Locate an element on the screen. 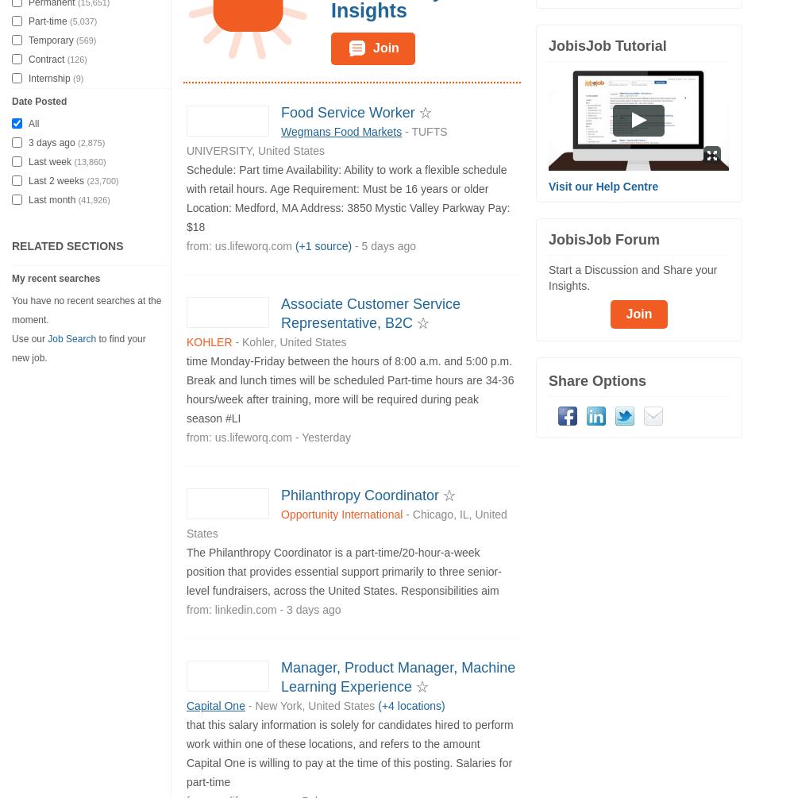 The height and width of the screenshot is (798, 790). 'Chicago, IL, United States' is located at coordinates (187, 522).